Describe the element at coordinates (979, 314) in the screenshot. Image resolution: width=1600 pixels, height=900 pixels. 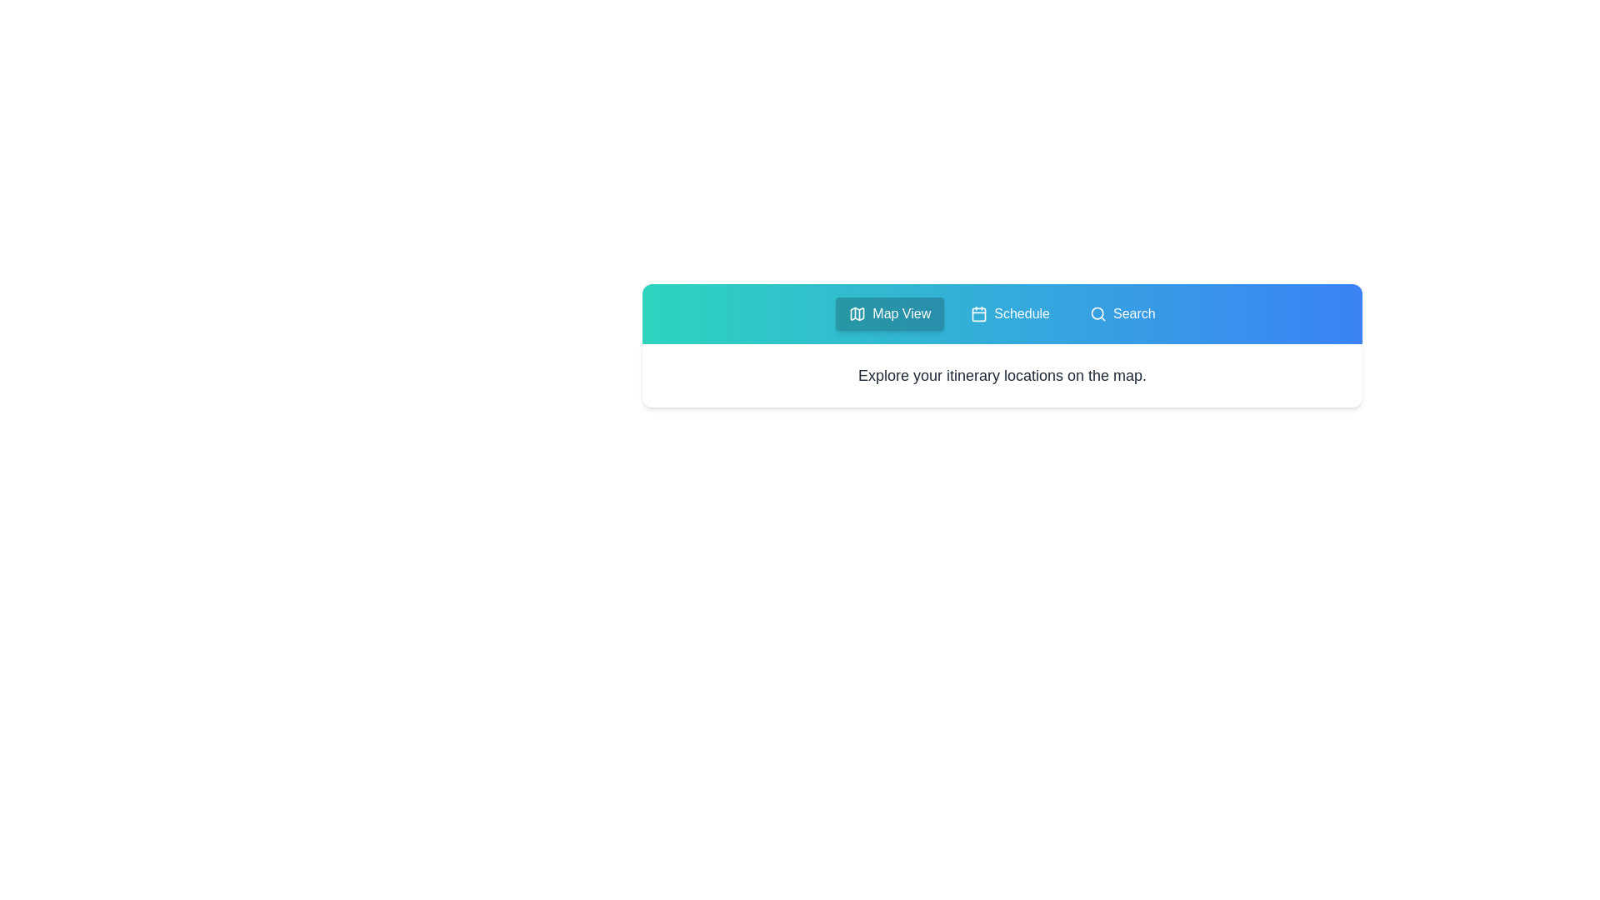
I see `the small rectangular shape with rounded corners, part of the calendar glyph, if it is interactive` at that location.